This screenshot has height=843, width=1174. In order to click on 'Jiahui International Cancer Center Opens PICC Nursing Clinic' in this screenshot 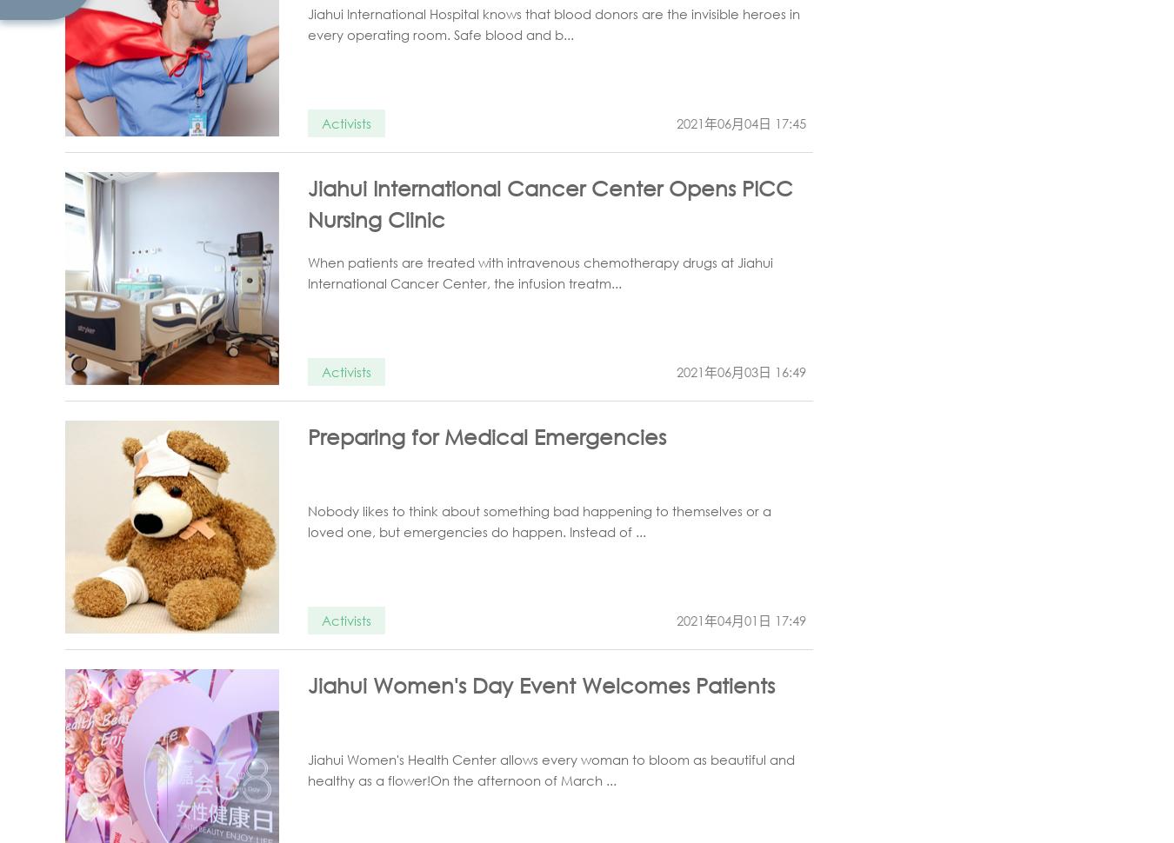, I will do `click(307, 202)`.